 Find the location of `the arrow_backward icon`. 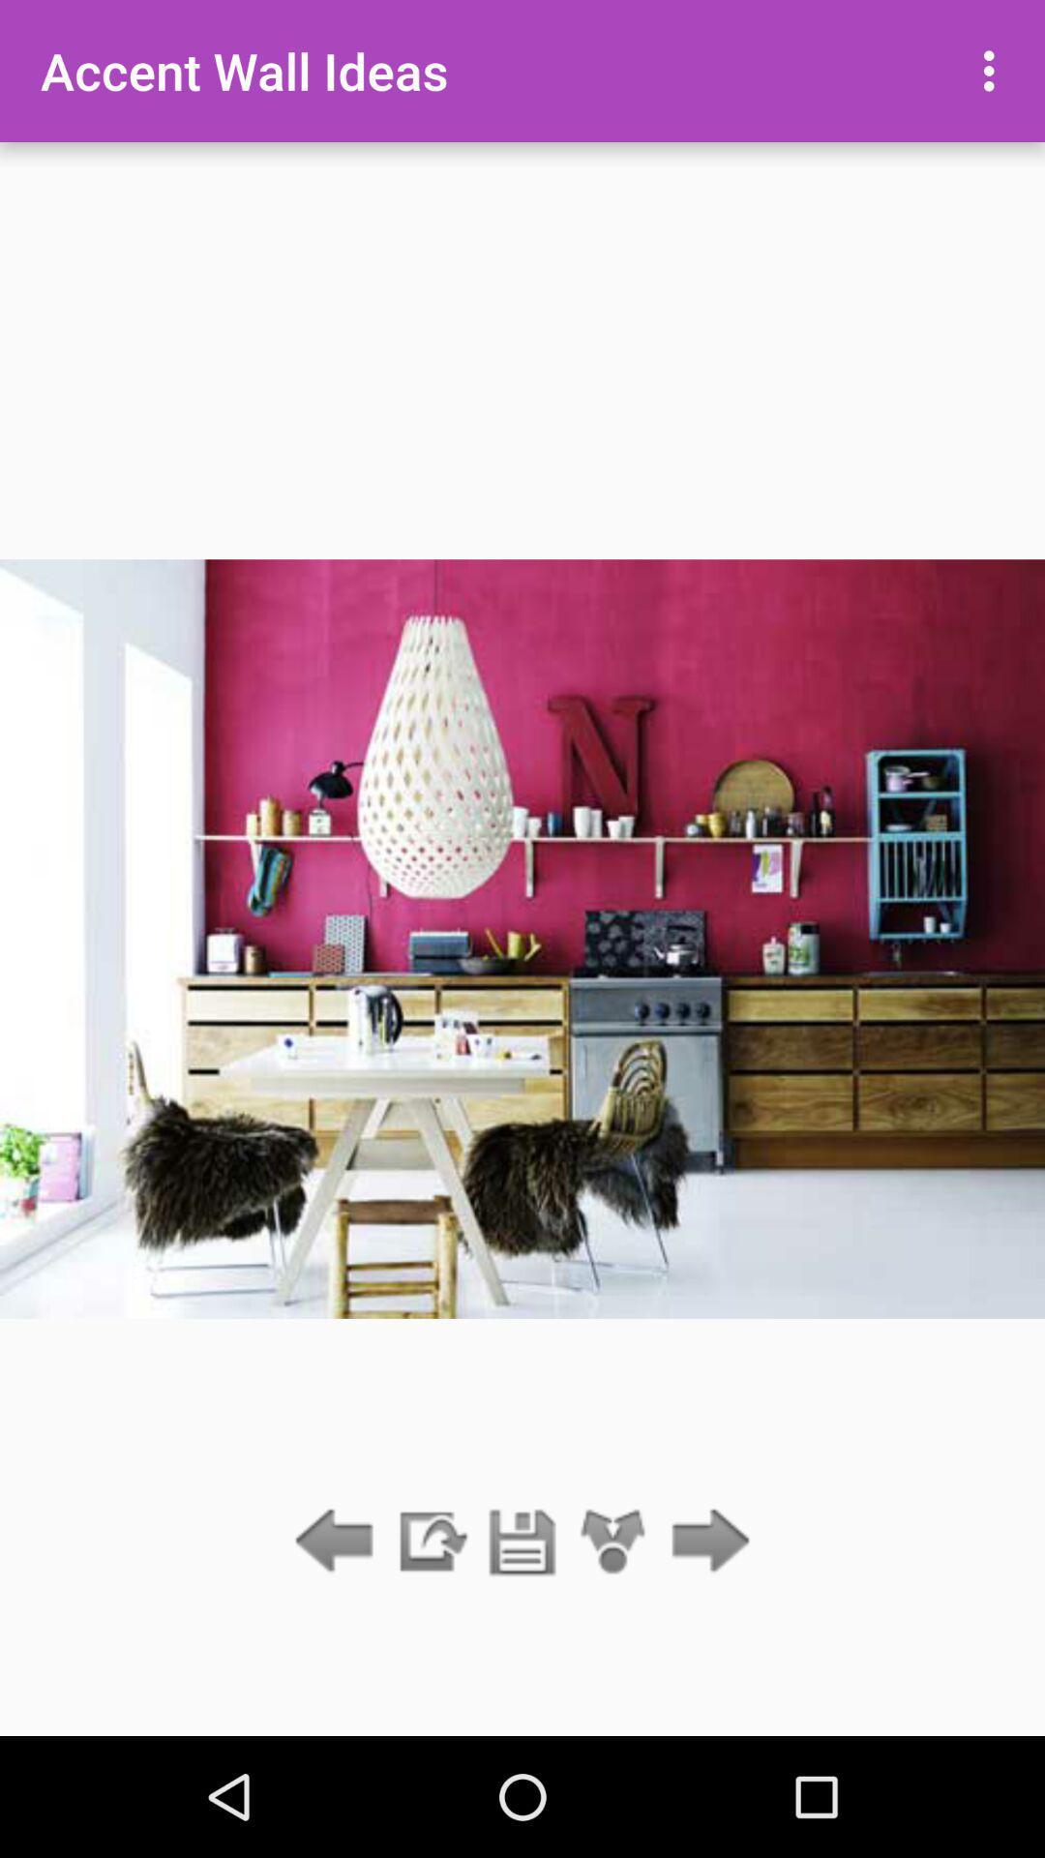

the arrow_backward icon is located at coordinates (339, 1542).